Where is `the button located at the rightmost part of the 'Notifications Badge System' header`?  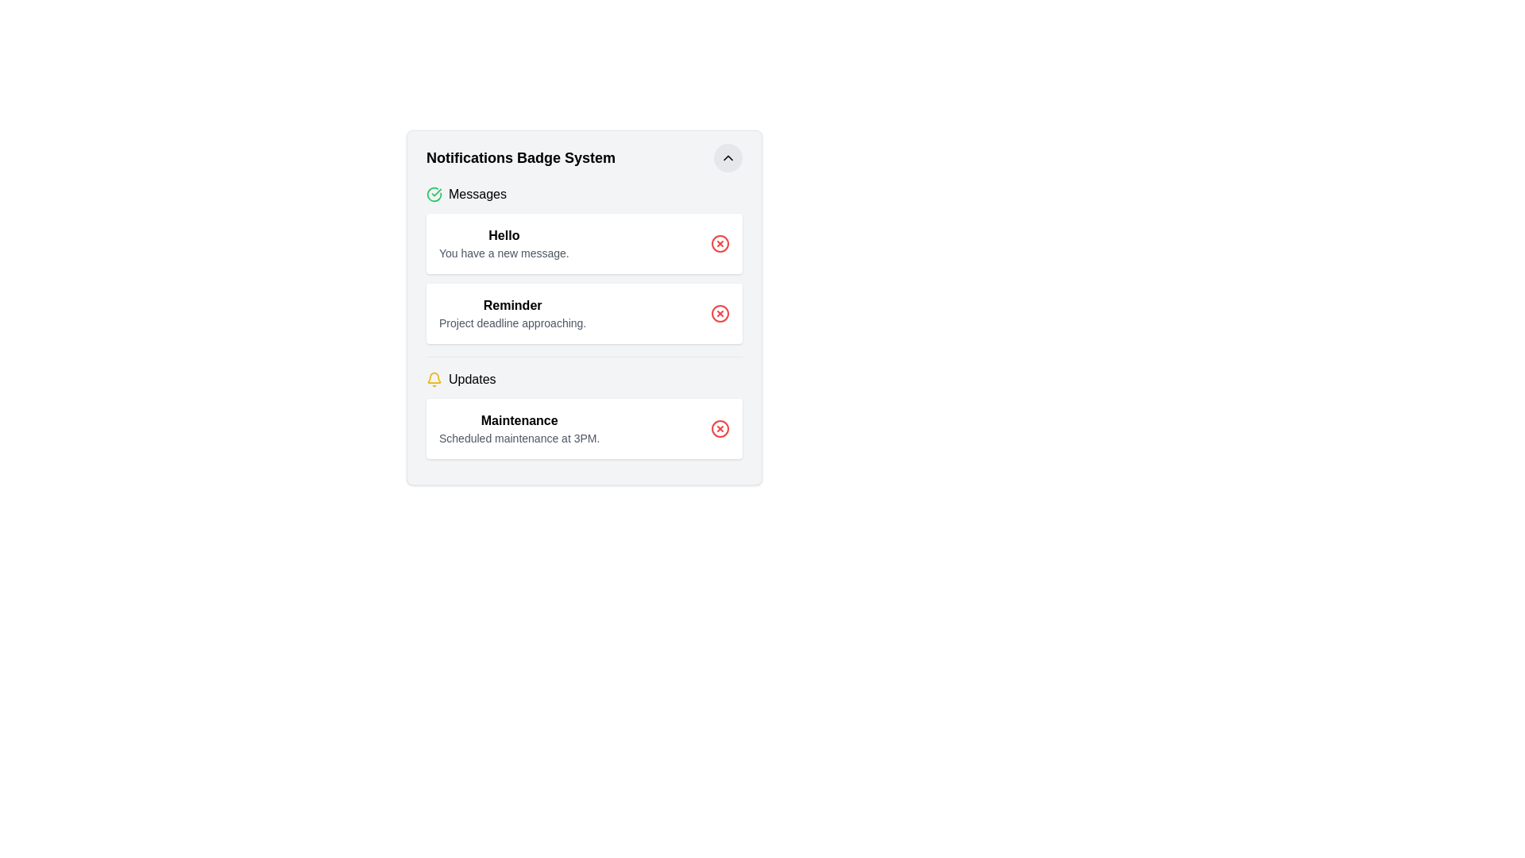 the button located at the rightmost part of the 'Notifications Badge System' header is located at coordinates (727, 158).